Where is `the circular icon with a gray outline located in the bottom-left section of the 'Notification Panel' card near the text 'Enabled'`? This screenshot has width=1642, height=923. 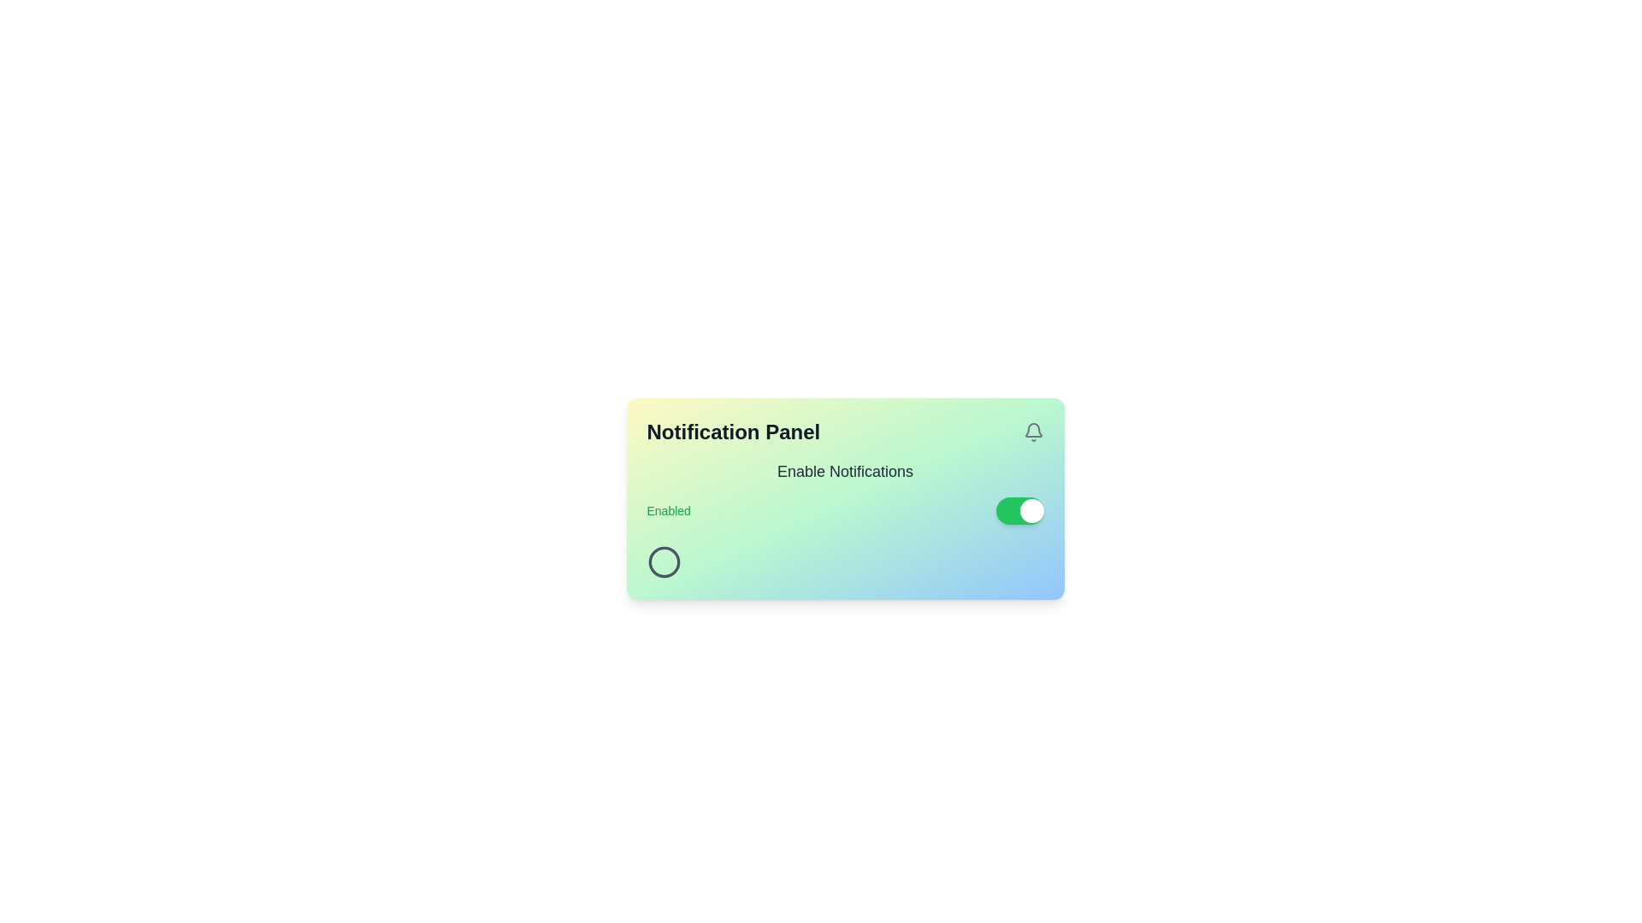
the circular icon with a gray outline located in the bottom-left section of the 'Notification Panel' card near the text 'Enabled' is located at coordinates (663, 562).